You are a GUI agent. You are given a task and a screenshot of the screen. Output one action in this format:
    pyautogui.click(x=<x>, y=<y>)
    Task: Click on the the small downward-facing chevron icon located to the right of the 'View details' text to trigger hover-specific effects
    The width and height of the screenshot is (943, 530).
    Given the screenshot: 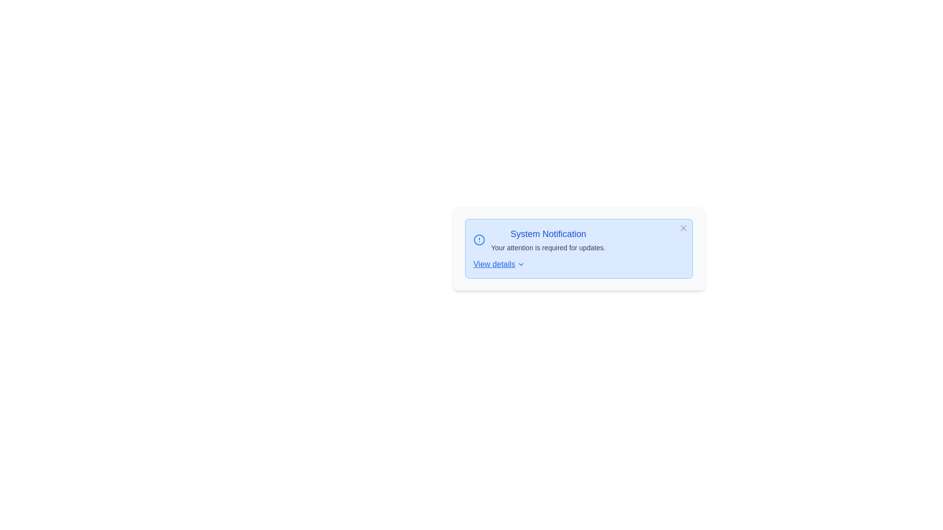 What is the action you would take?
    pyautogui.click(x=521, y=264)
    